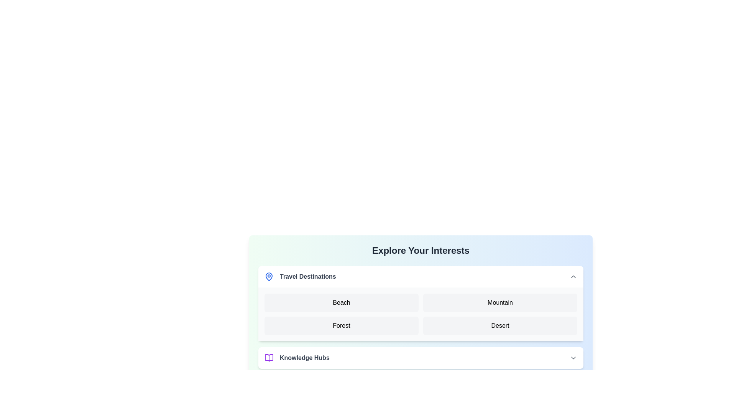 This screenshot has width=736, height=414. What do you see at coordinates (500, 325) in the screenshot?
I see `text 'Desert' from the text label located in the second row and second column of the grid layout, characterized by a light gray background and black sans-serif font` at bounding box center [500, 325].